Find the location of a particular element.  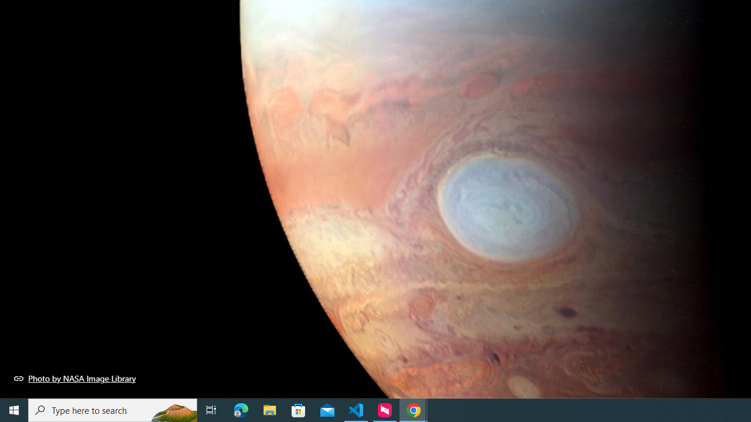

'Task View' is located at coordinates (211, 409).